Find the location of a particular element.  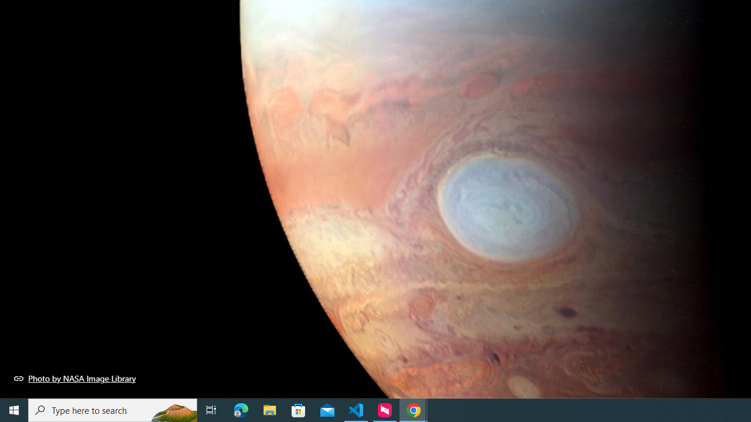

'Task View' is located at coordinates (211, 409).